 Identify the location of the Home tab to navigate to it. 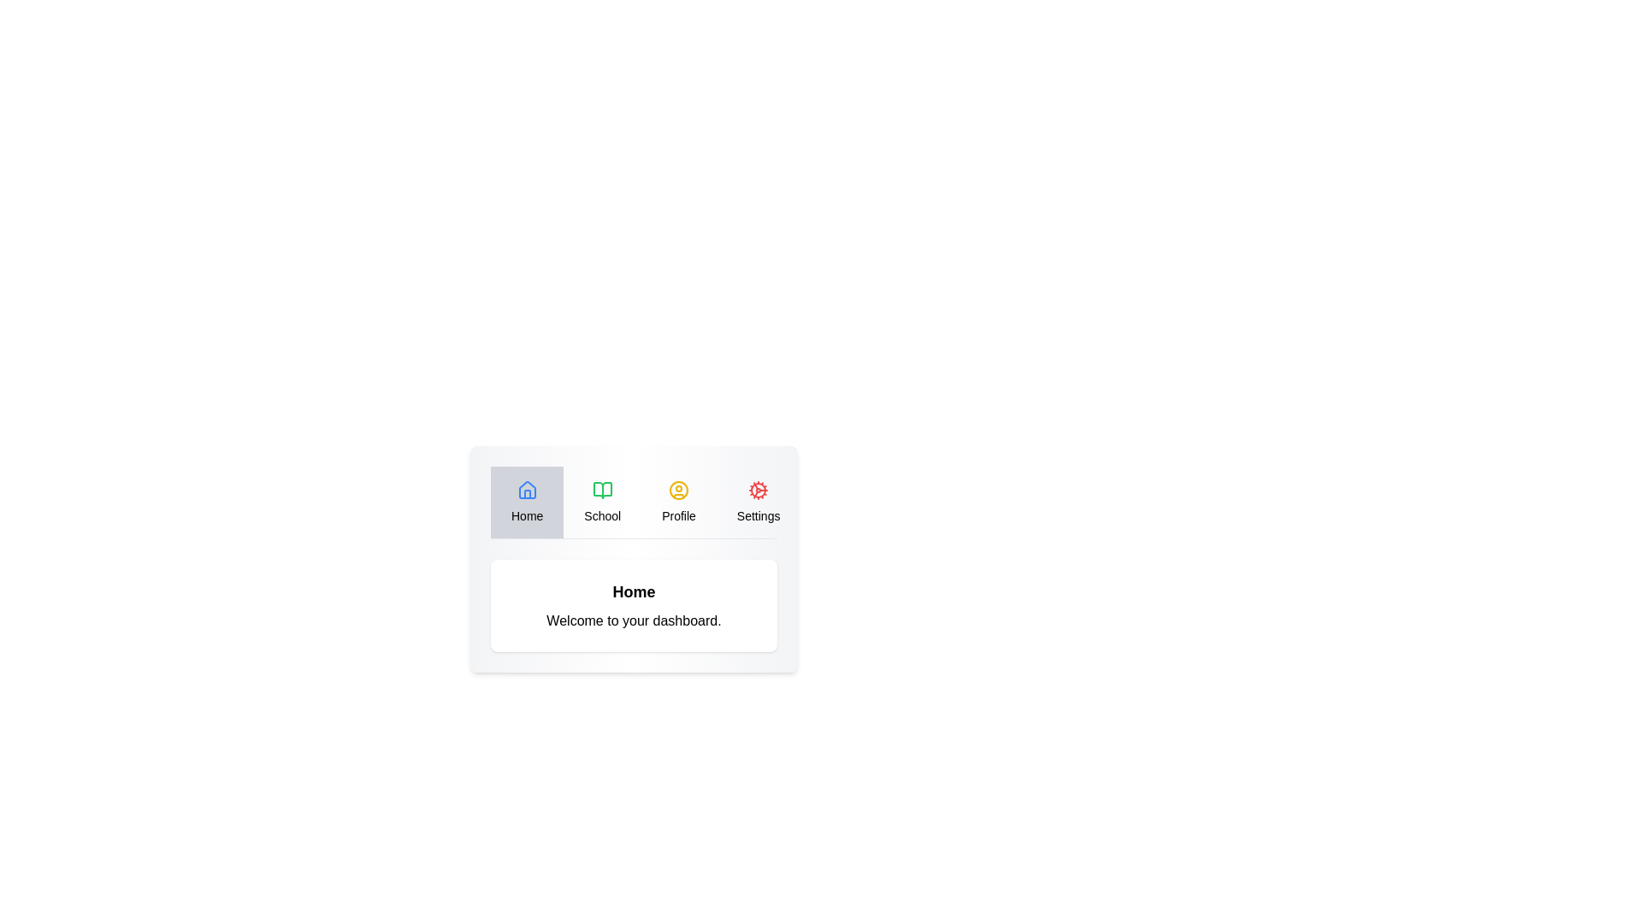
(526, 501).